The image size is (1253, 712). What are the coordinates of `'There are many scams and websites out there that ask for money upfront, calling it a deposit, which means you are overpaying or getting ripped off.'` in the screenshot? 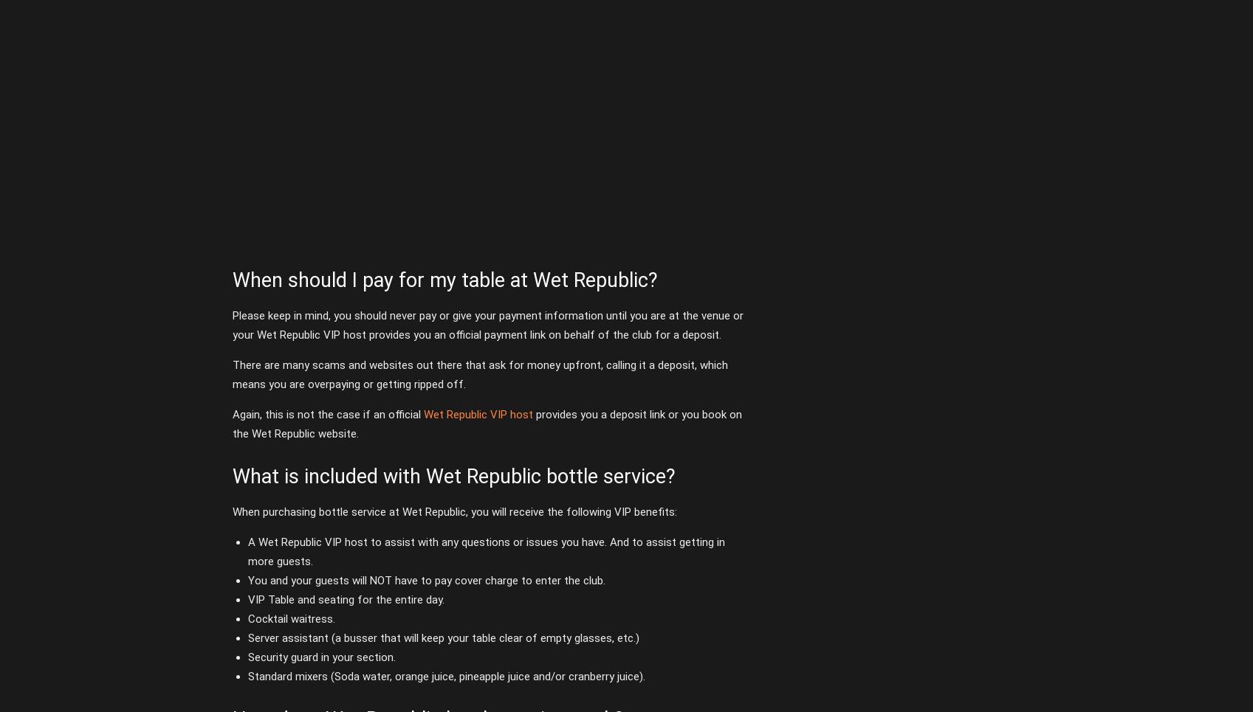 It's located at (479, 374).